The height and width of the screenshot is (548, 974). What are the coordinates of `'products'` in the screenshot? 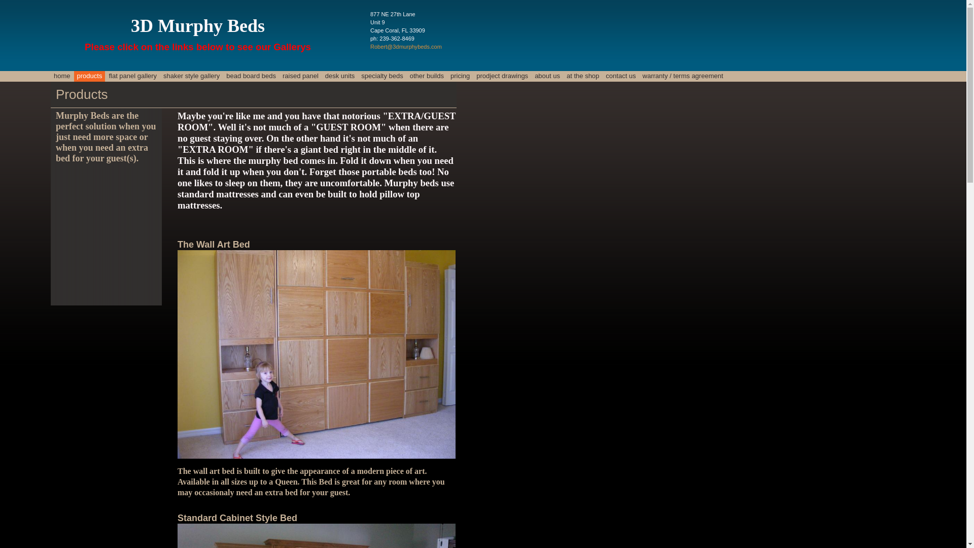 It's located at (90, 76).